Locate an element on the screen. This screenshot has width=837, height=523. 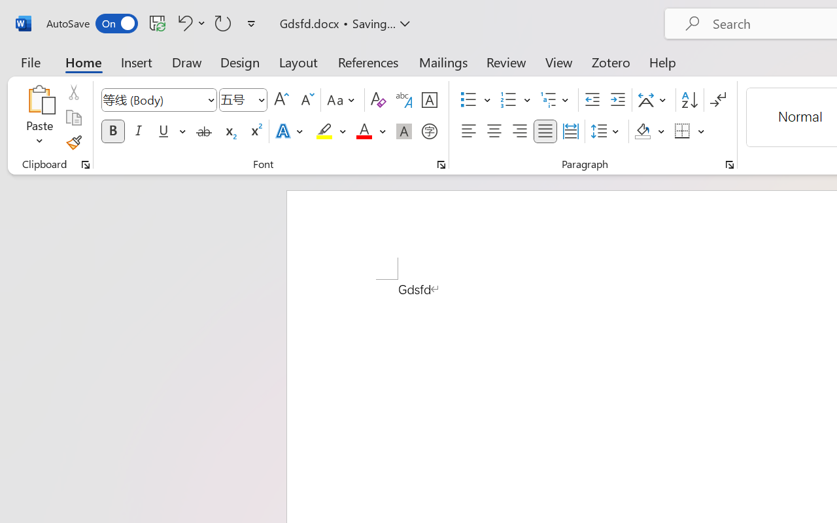
'Clear Formatting' is located at coordinates (377, 100).